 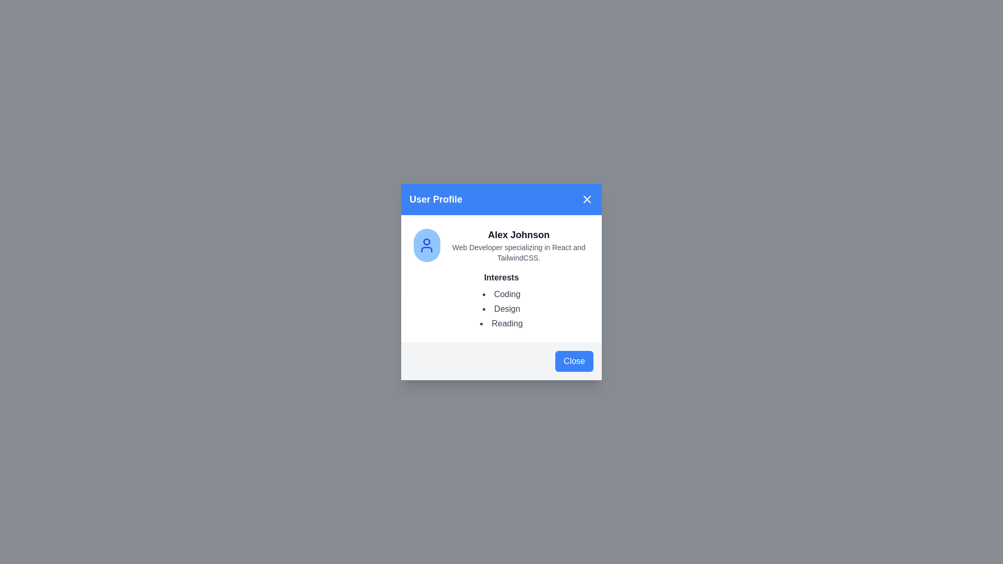 I want to click on the text label displaying 'User Profile', which is styled in bold font and positioned within a blue rectangular background, indicating its importance as a header, so click(x=436, y=199).